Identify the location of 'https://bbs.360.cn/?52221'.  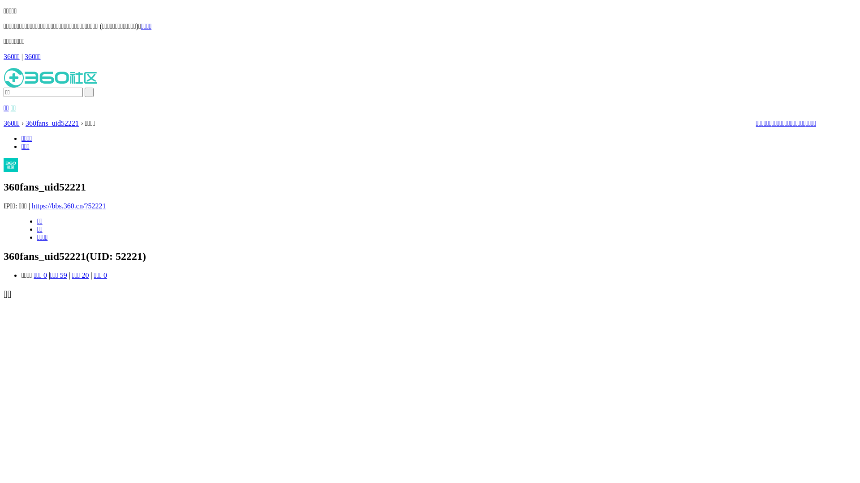
(68, 206).